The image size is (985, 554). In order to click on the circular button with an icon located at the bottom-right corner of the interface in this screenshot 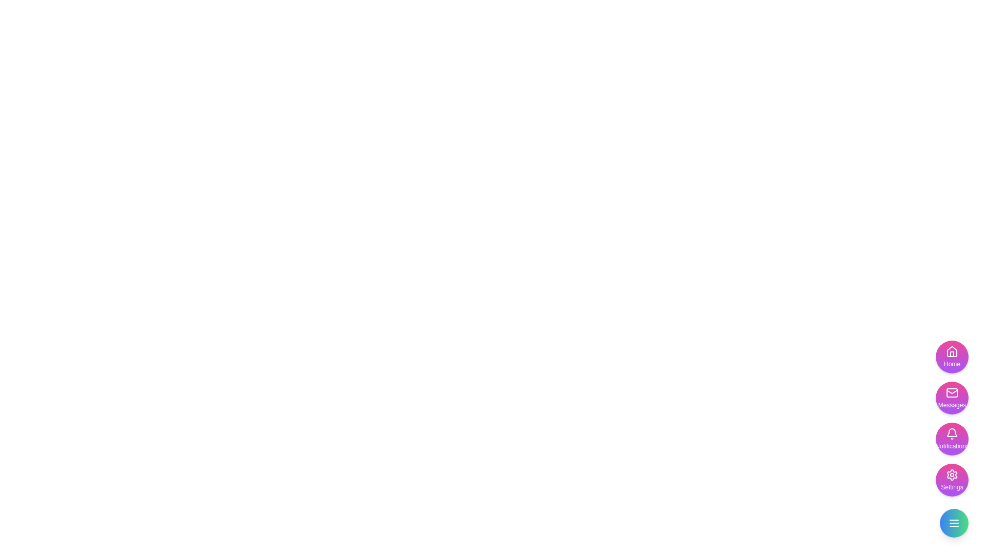, I will do `click(954, 523)`.